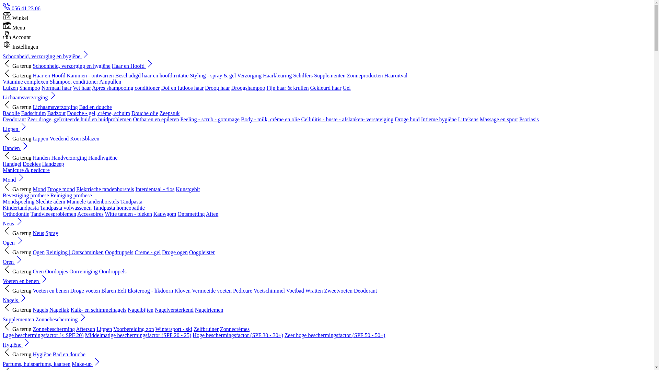 This screenshot has height=370, width=659. What do you see at coordinates (155, 119) in the screenshot?
I see `'Ontharen en epileren'` at bounding box center [155, 119].